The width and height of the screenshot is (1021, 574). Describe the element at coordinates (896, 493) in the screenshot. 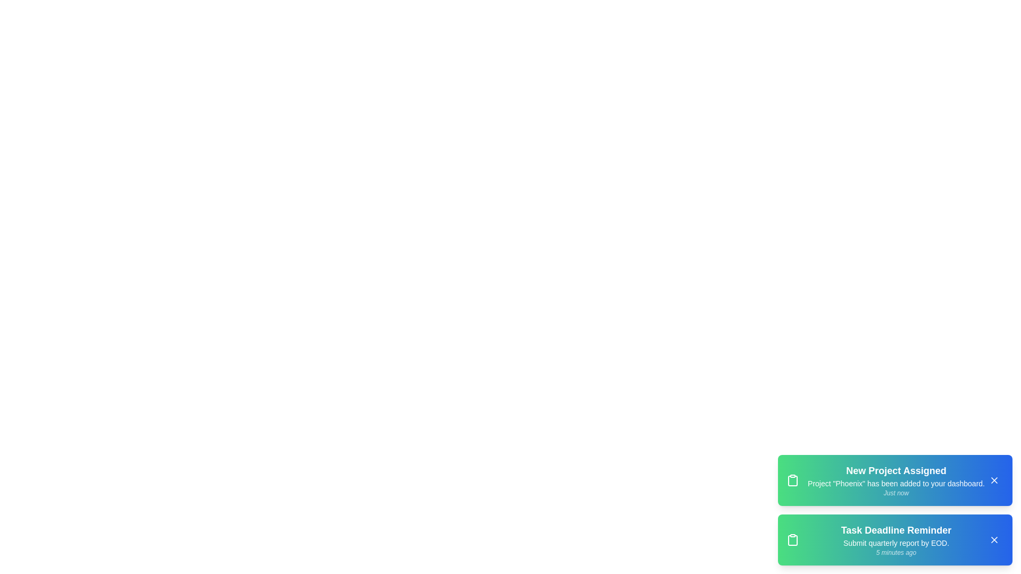

I see `the timestamp text of the notification` at that location.